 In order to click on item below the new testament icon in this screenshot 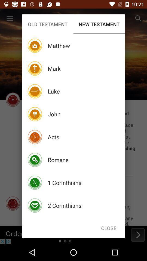, I will do `click(109, 228)`.